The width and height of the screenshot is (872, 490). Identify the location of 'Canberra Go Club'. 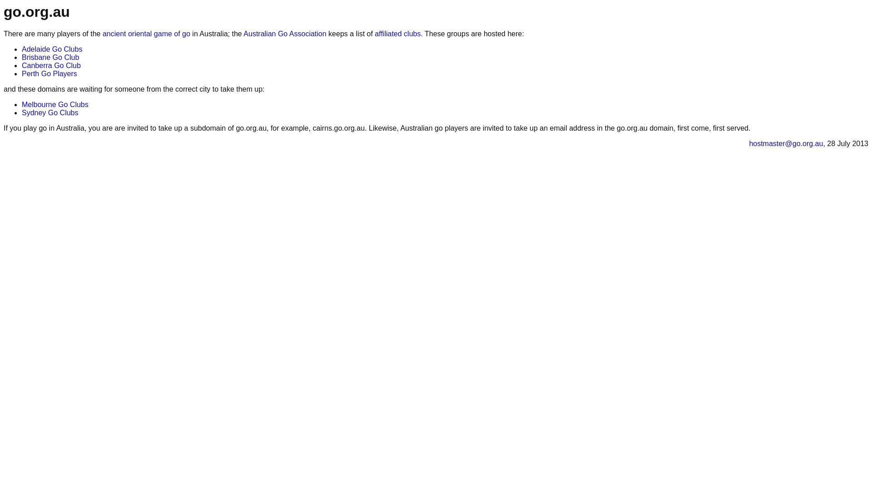
(51, 65).